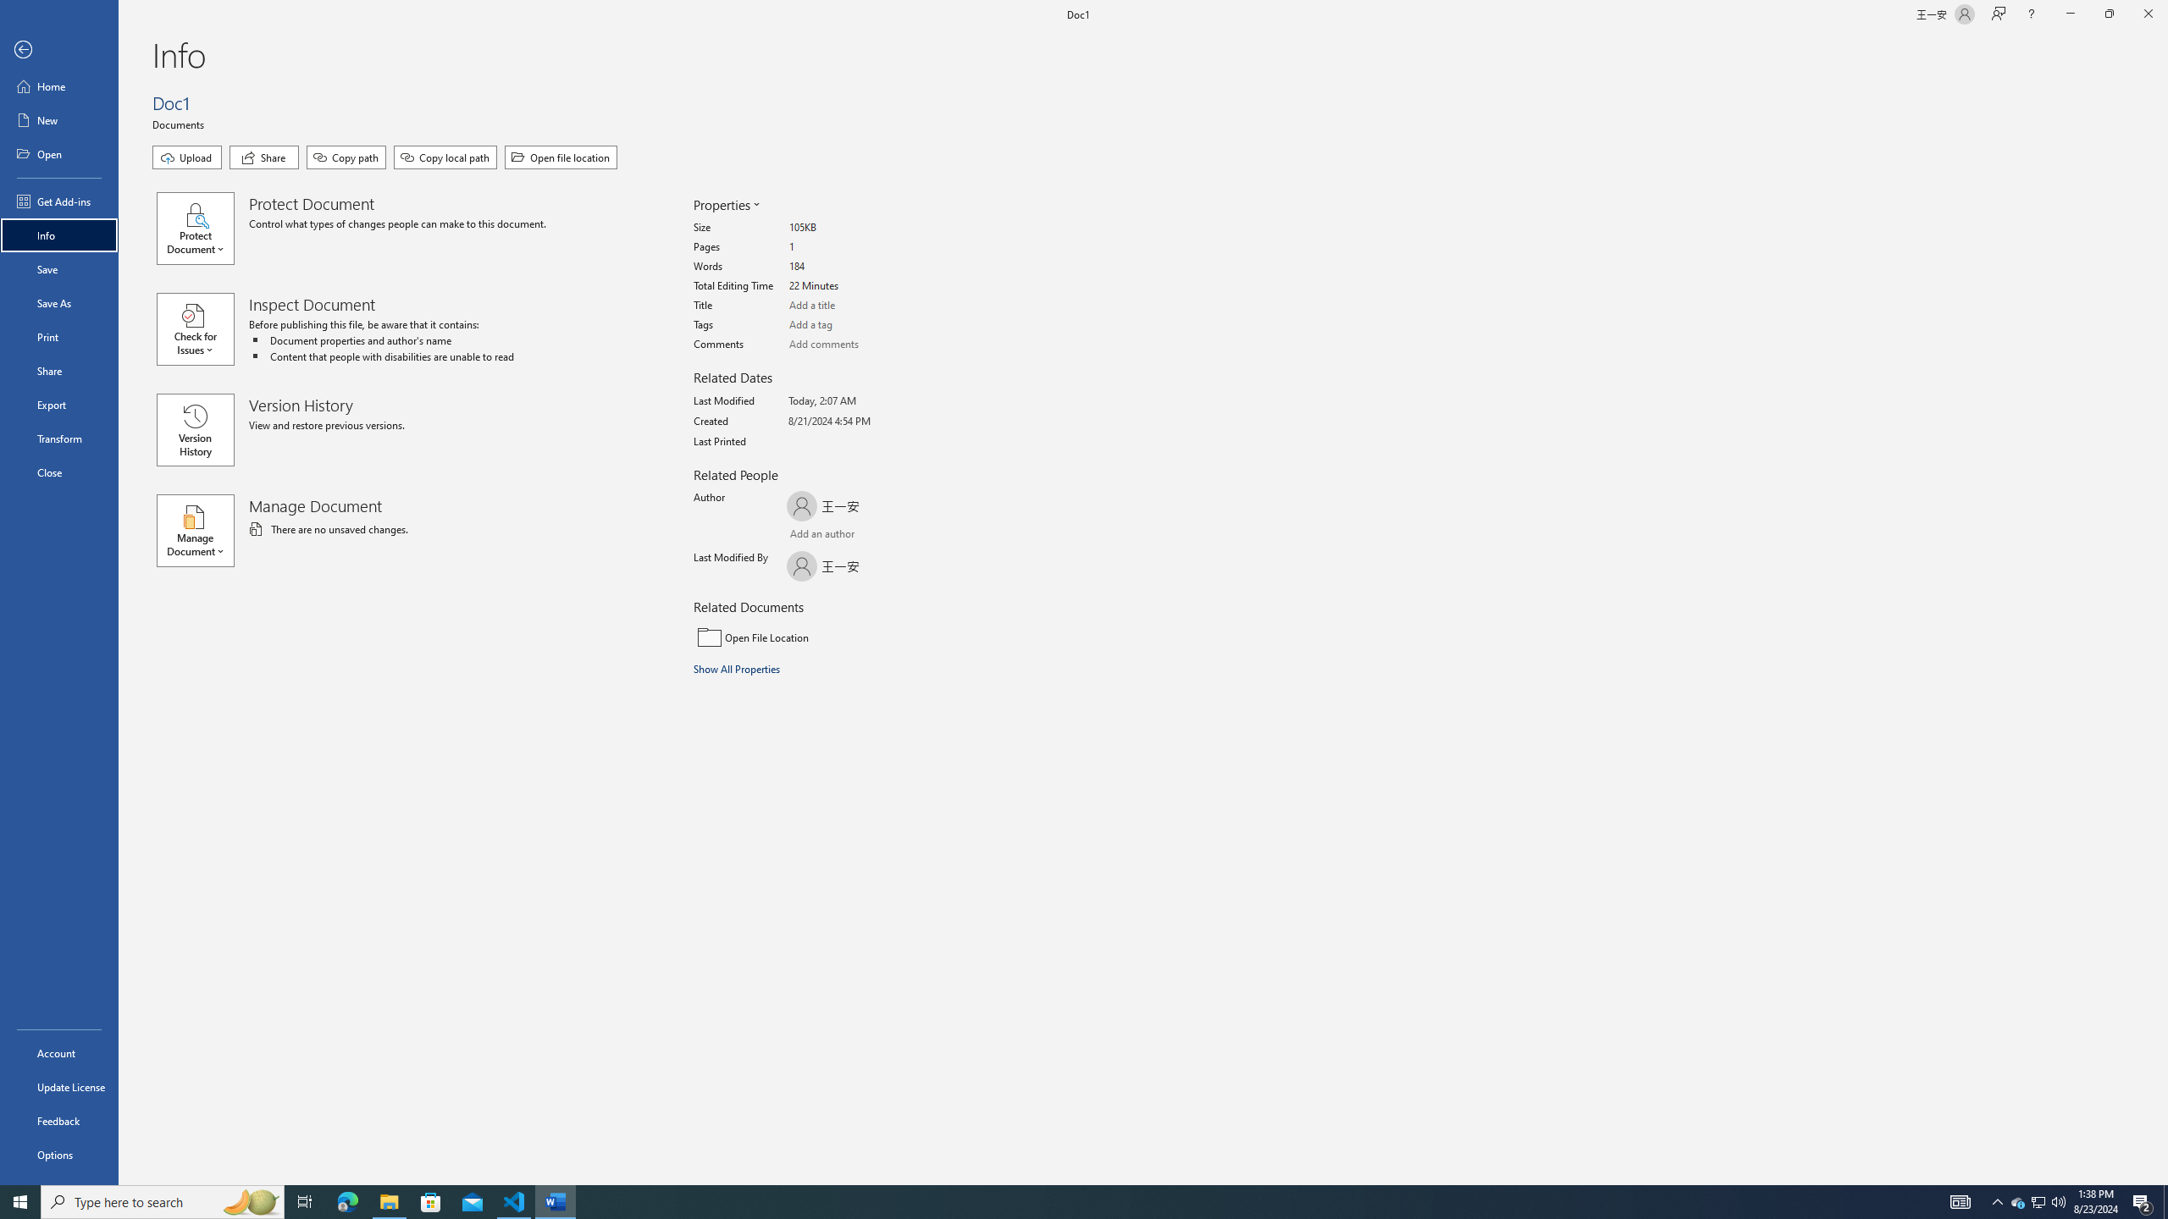  I want to click on 'New', so click(58, 119).